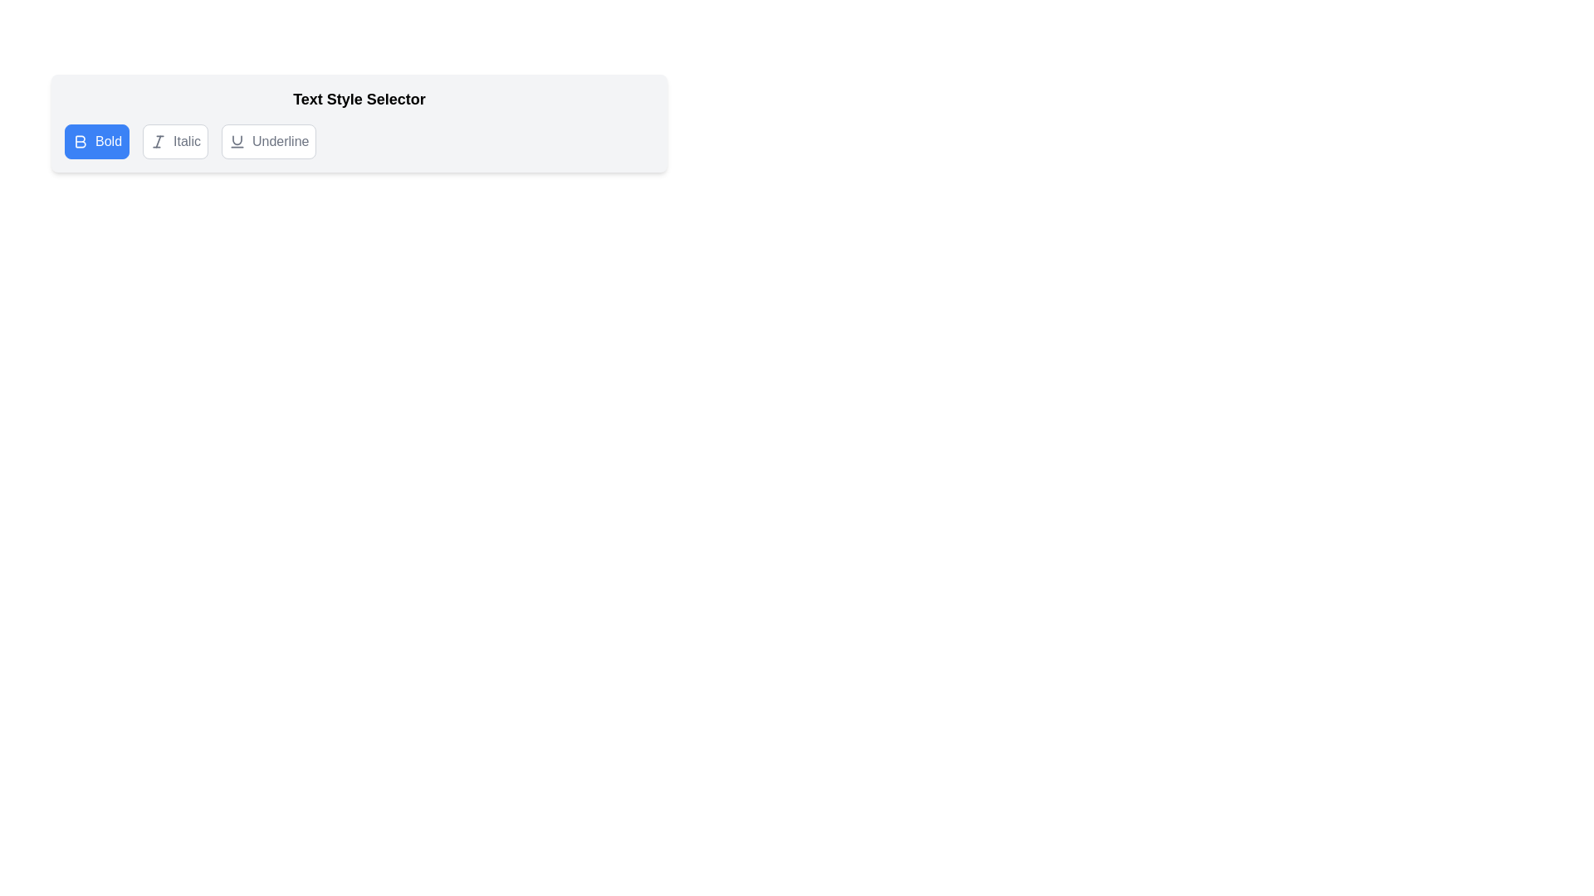 This screenshot has width=1594, height=896. Describe the element at coordinates (95, 140) in the screenshot. I see `the 'Bold' toggle button` at that location.